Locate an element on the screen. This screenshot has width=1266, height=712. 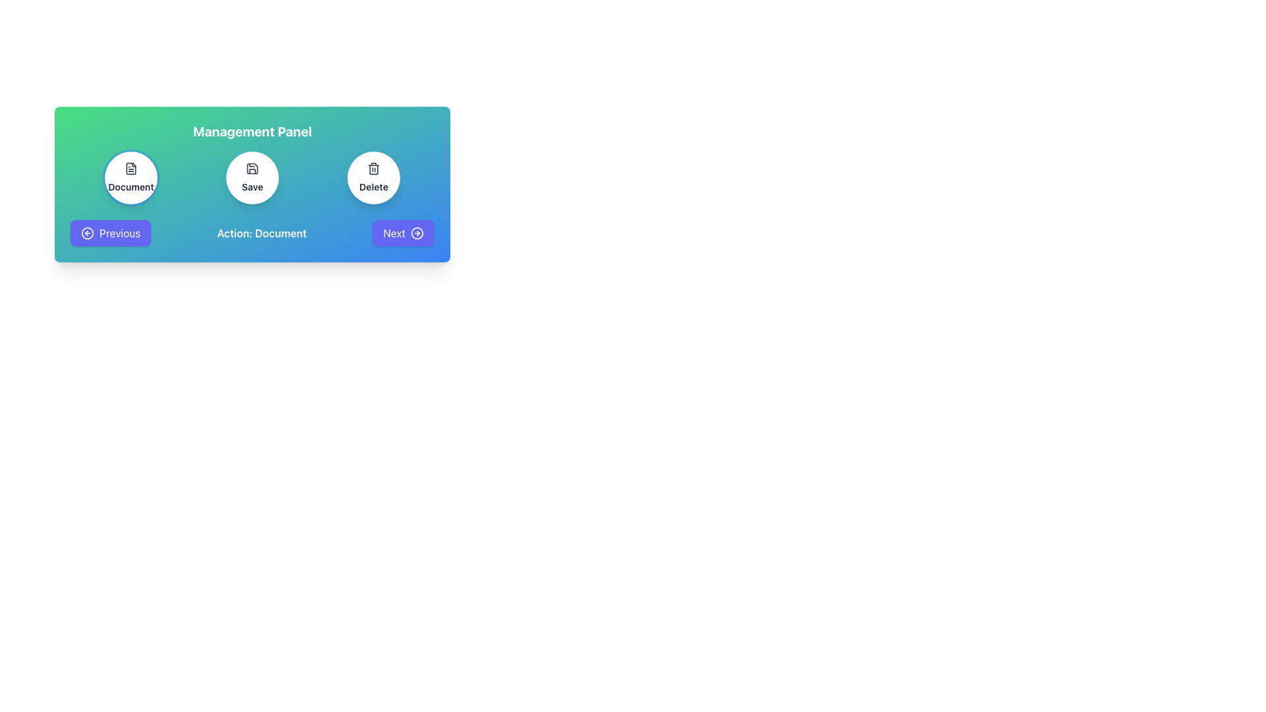
the text label describing the 'Delete' action, which is located below the trash bin icon within the circular card on the right side of the interface is located at coordinates (373, 187).